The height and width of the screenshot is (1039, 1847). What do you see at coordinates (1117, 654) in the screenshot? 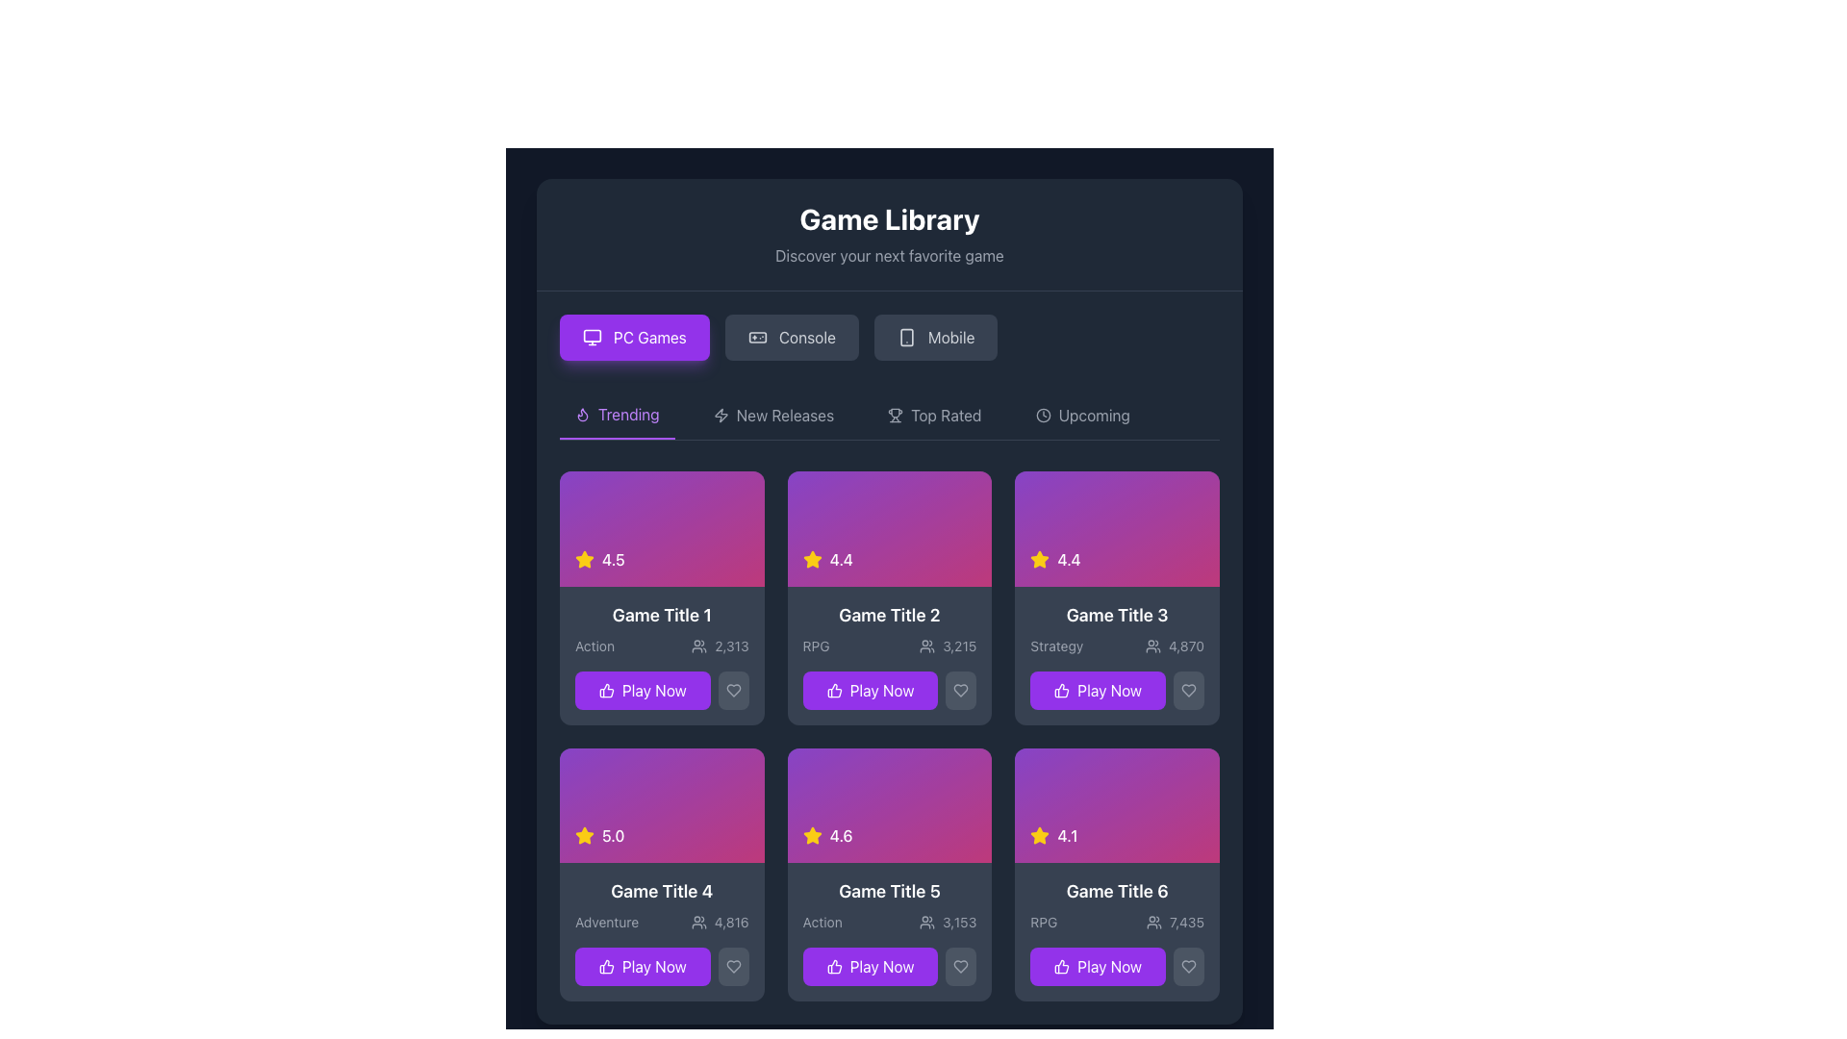
I see `the game entry card located in the top-right corner of the grid, specifically the third card in the top row` at bounding box center [1117, 654].